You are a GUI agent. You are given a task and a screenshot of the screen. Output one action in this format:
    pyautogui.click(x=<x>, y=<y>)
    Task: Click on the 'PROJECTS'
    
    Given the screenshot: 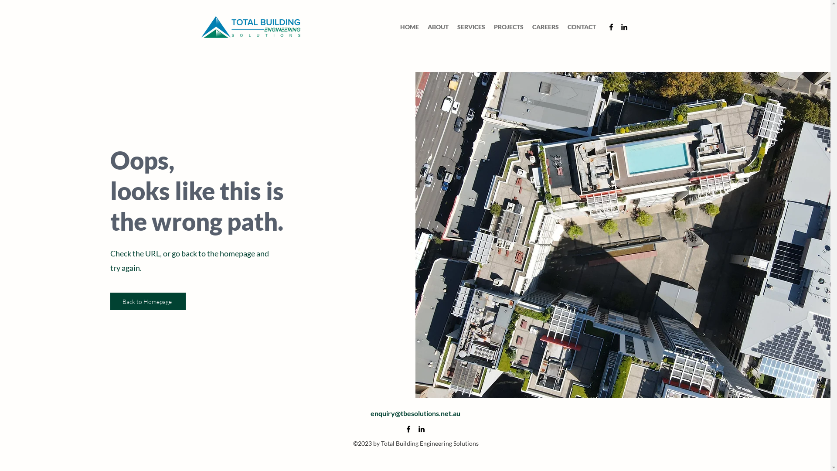 What is the action you would take?
    pyautogui.click(x=508, y=26)
    